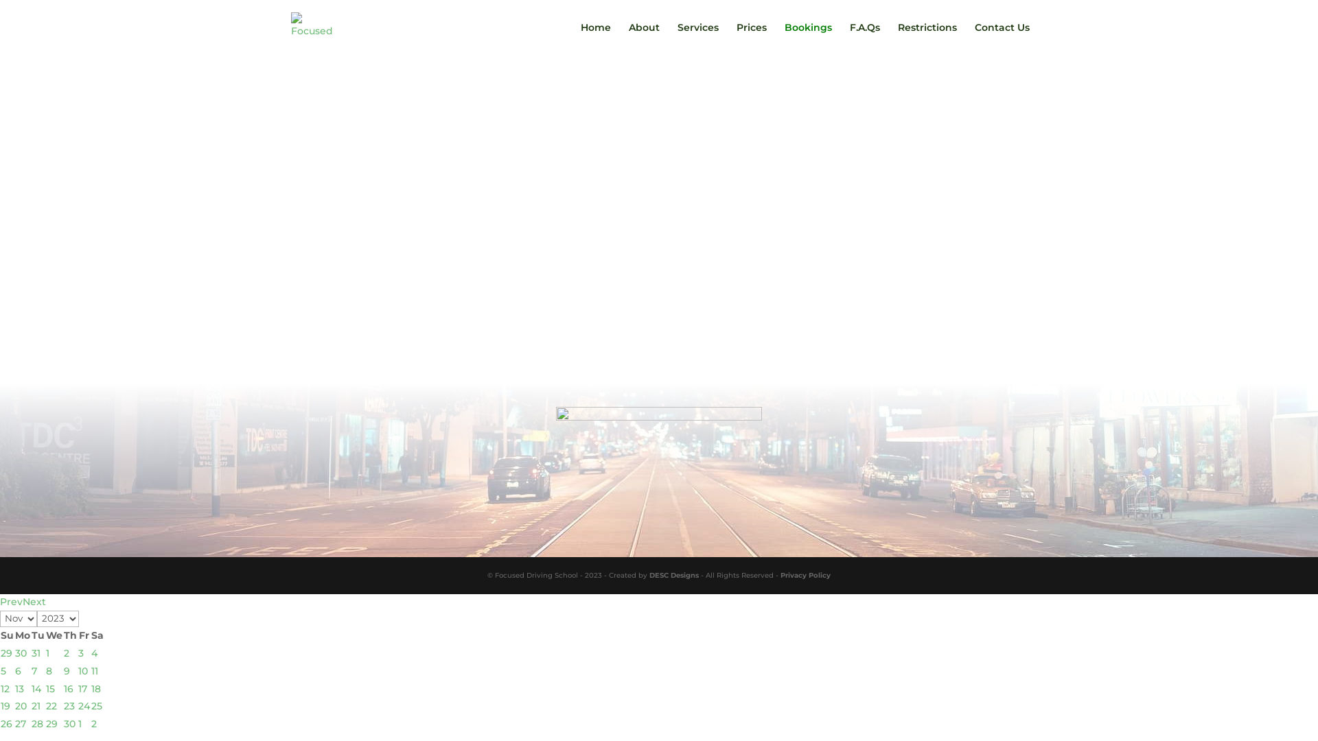 The height and width of the screenshot is (741, 1318). Describe the element at coordinates (678, 38) in the screenshot. I see `'Services'` at that location.